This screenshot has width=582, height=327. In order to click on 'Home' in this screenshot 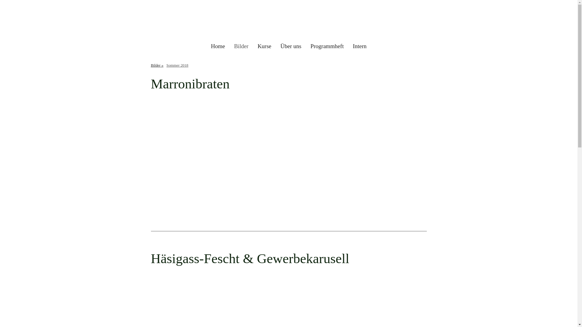, I will do `click(206, 46)`.